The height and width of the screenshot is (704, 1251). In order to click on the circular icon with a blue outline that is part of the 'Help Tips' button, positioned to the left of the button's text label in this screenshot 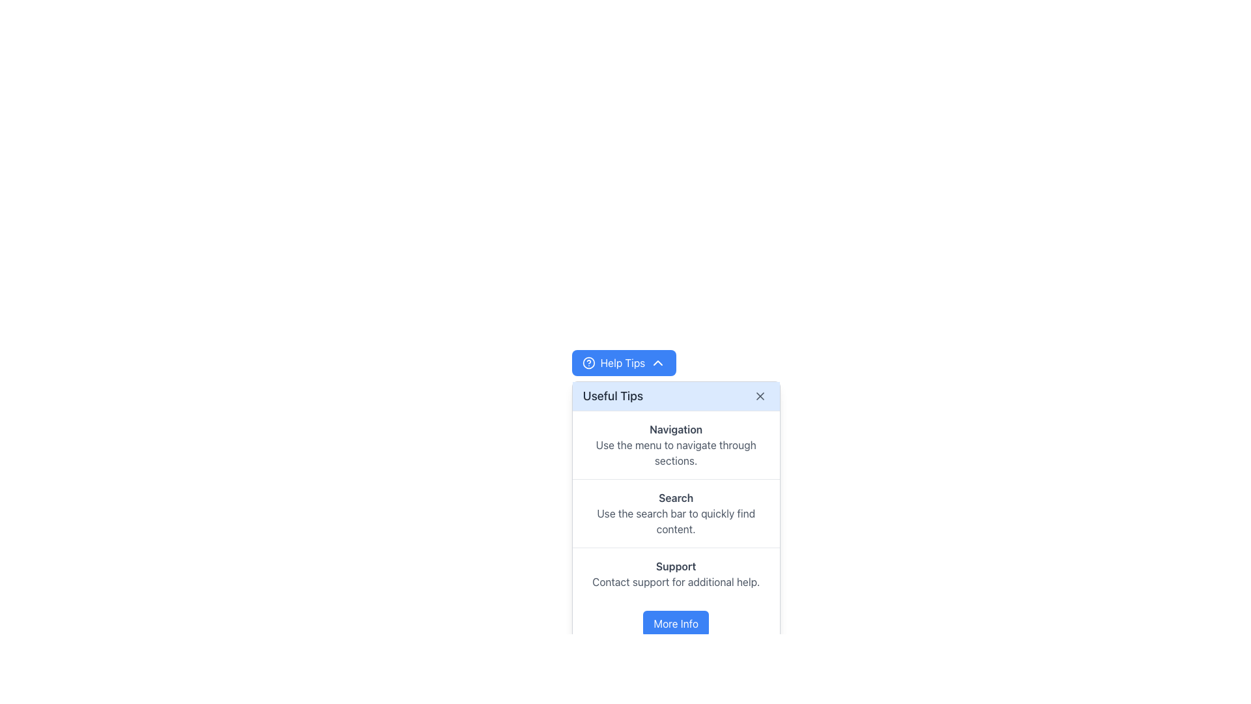, I will do `click(588, 362)`.